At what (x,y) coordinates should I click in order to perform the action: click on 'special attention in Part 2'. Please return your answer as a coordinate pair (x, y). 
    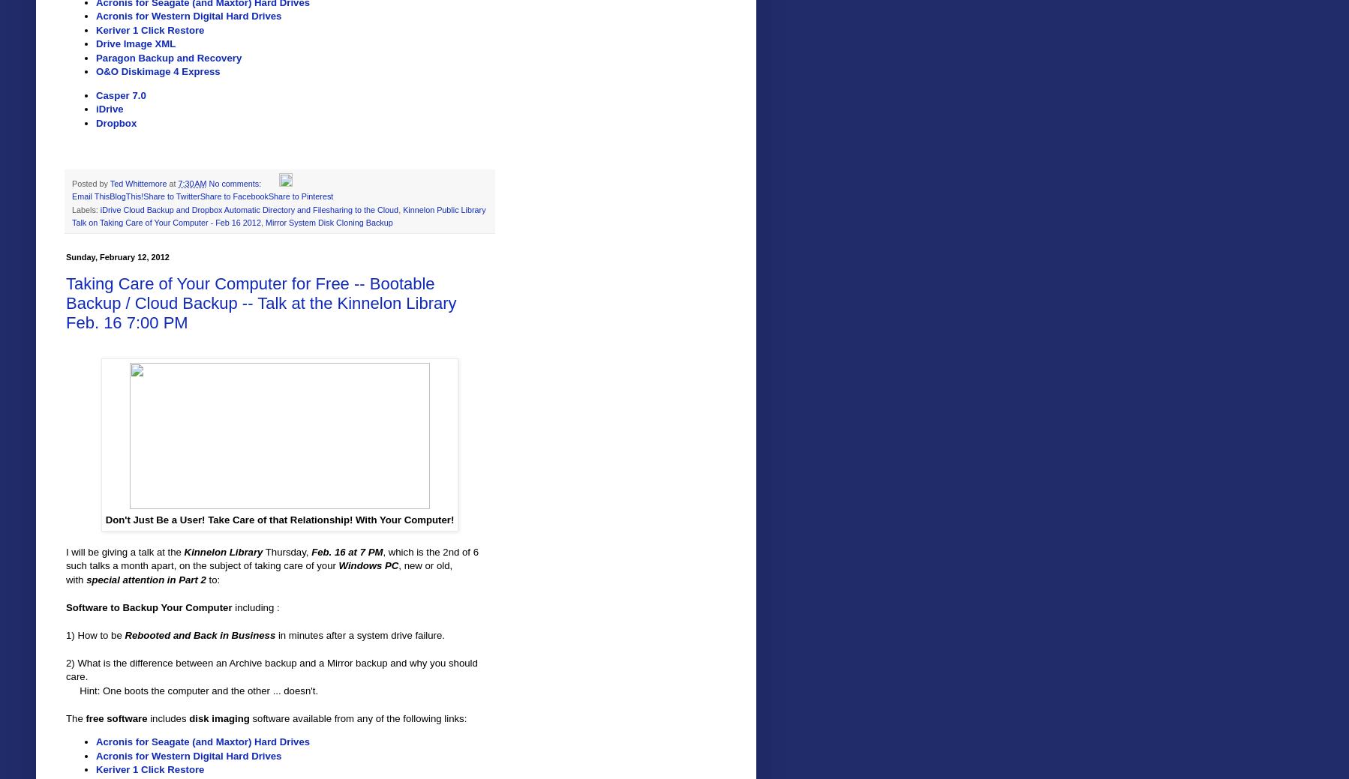
    Looking at the image, I should click on (146, 578).